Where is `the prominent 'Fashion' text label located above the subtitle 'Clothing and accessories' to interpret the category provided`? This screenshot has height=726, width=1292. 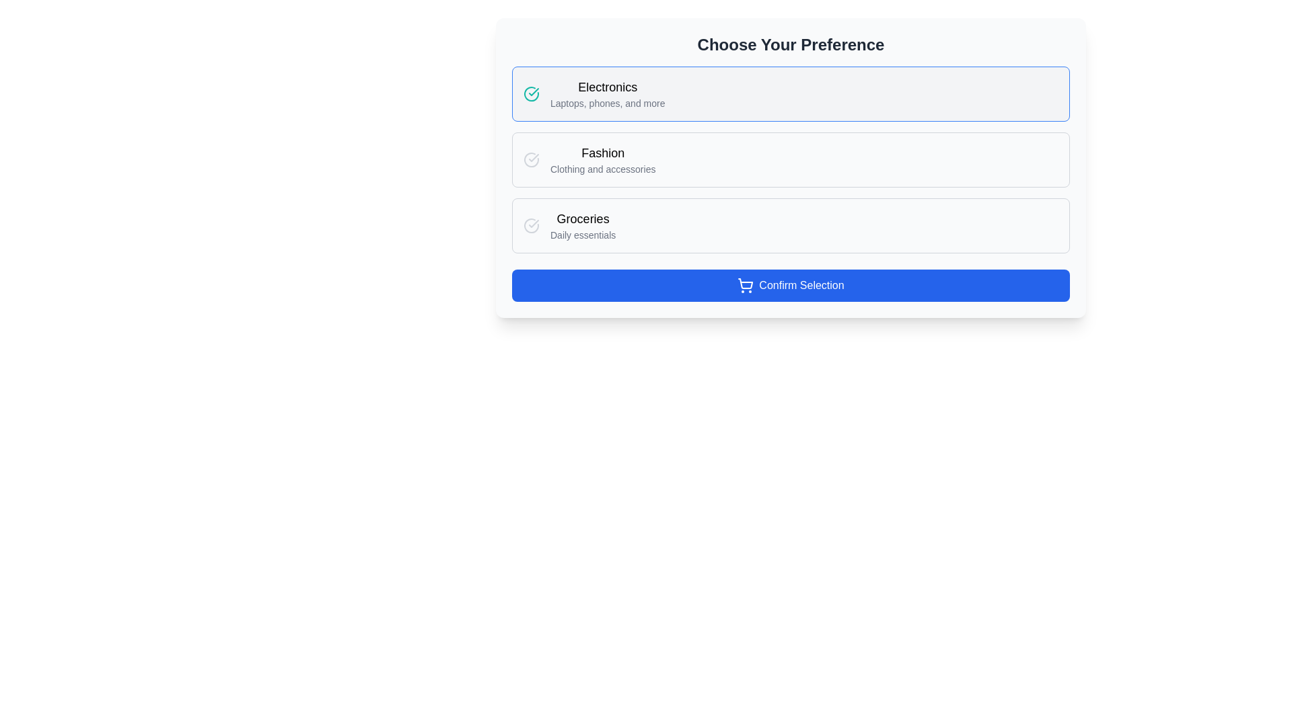
the prominent 'Fashion' text label located above the subtitle 'Clothing and accessories' to interpret the category provided is located at coordinates (602, 152).